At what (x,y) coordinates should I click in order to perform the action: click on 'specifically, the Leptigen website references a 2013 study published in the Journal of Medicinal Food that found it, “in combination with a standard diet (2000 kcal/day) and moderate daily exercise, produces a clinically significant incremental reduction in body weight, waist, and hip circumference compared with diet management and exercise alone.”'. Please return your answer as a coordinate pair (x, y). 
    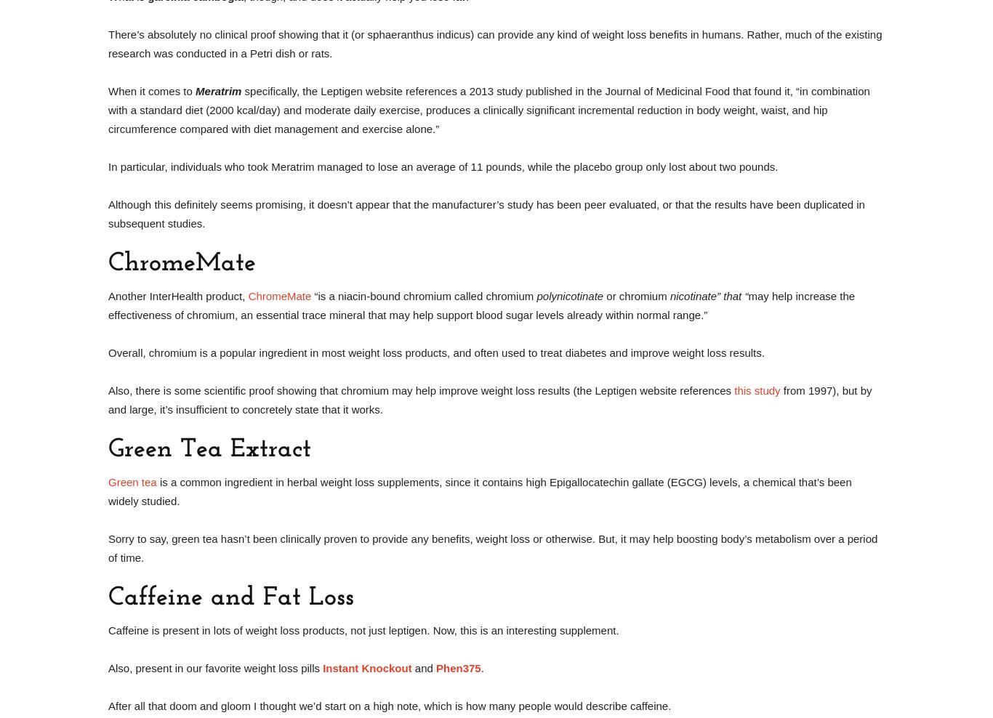
    Looking at the image, I should click on (488, 109).